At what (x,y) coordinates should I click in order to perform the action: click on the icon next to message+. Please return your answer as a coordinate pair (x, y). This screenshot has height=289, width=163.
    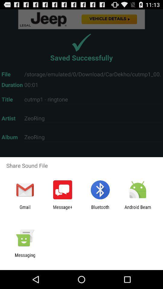
    Looking at the image, I should click on (25, 210).